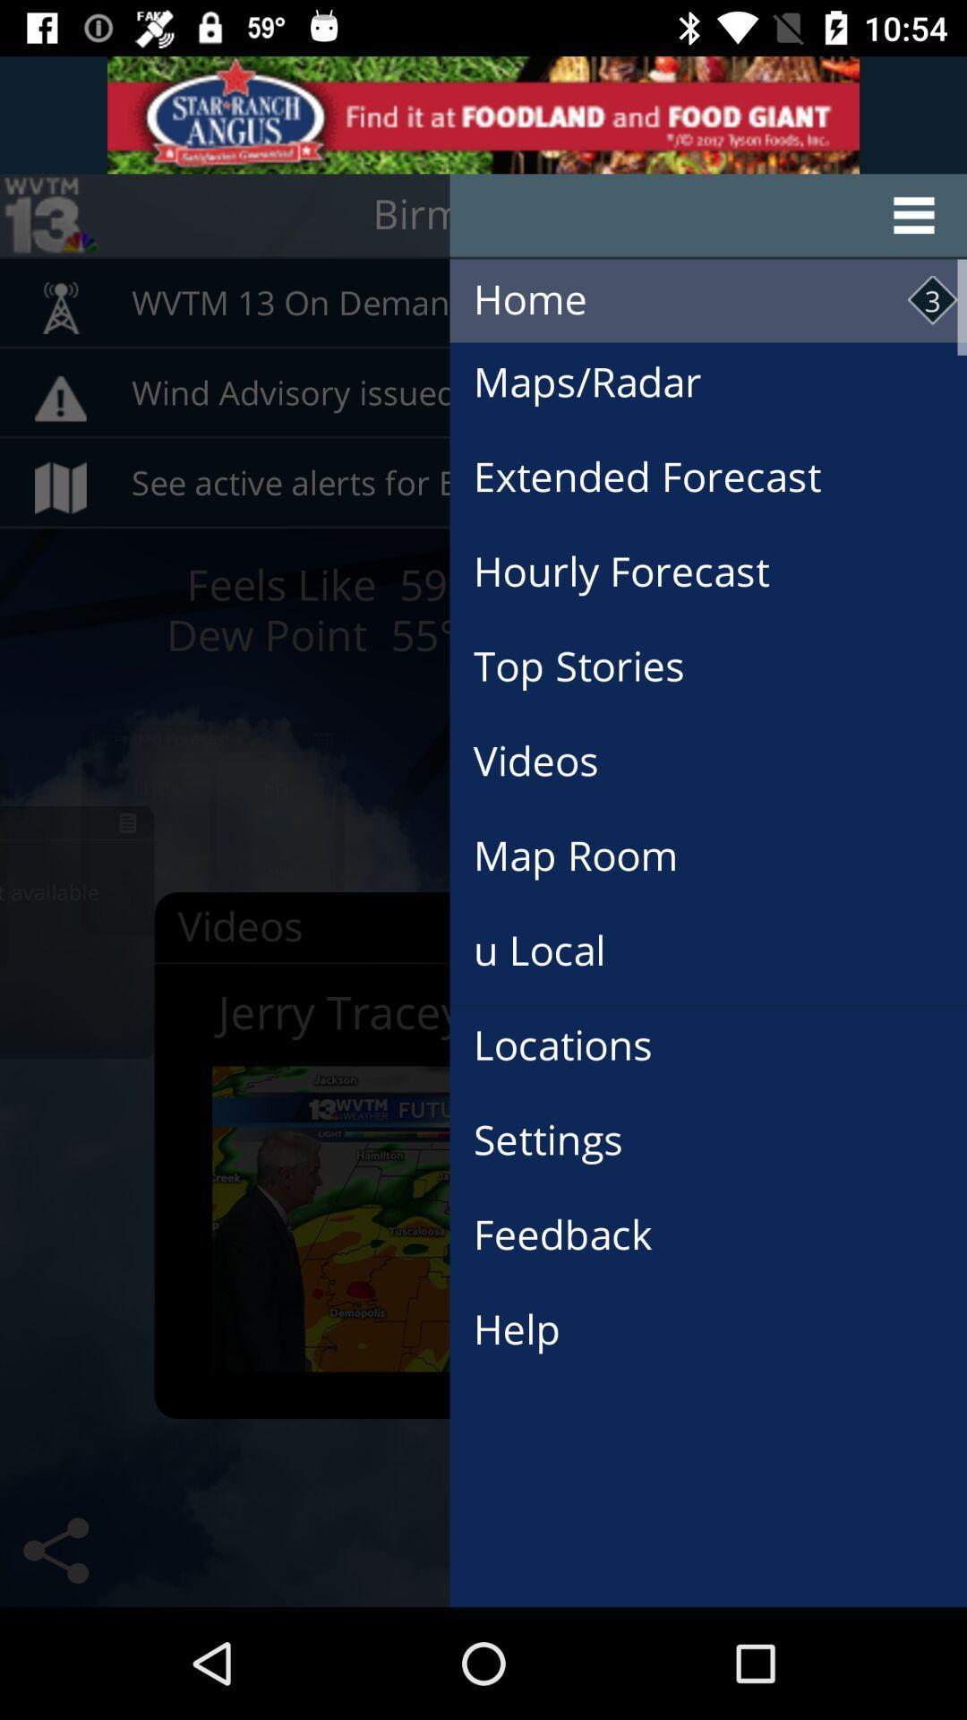 This screenshot has height=1720, width=967. What do you see at coordinates (707, 215) in the screenshot?
I see `the menu button at the right side of the page` at bounding box center [707, 215].